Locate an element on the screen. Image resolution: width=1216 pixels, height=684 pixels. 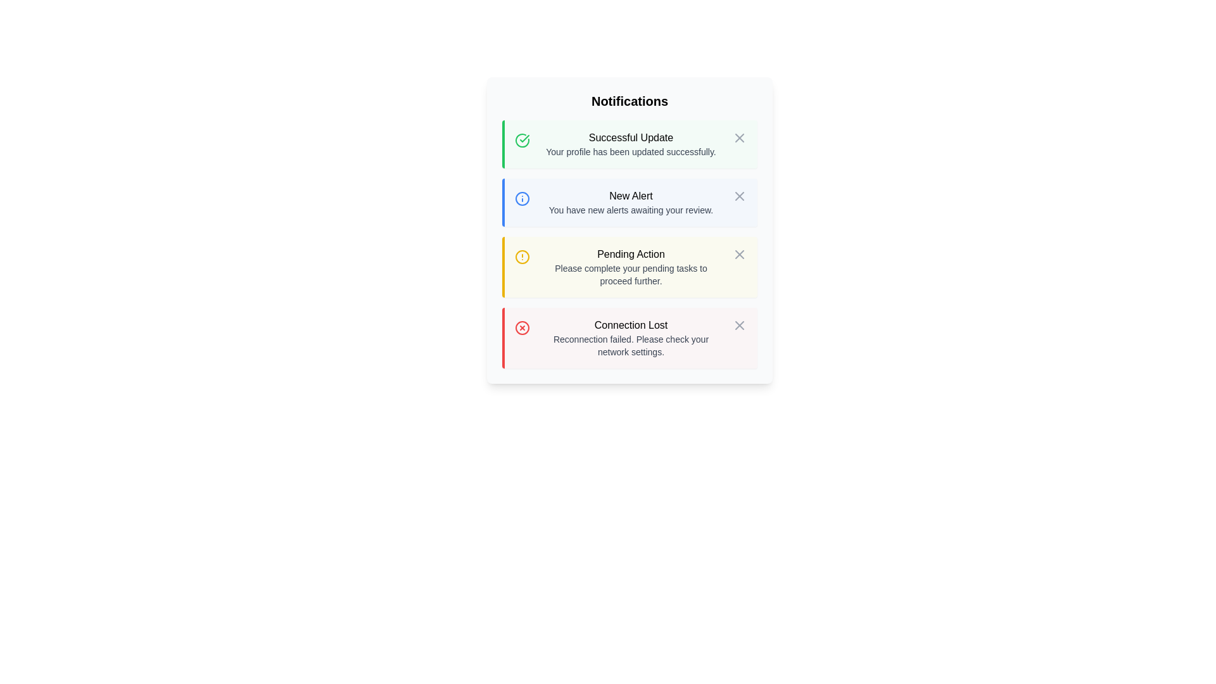
the text display that provides information about a new alert, located in the content section of the second notification item between 'Successful Update' and 'Pending Action' is located at coordinates (631, 202).